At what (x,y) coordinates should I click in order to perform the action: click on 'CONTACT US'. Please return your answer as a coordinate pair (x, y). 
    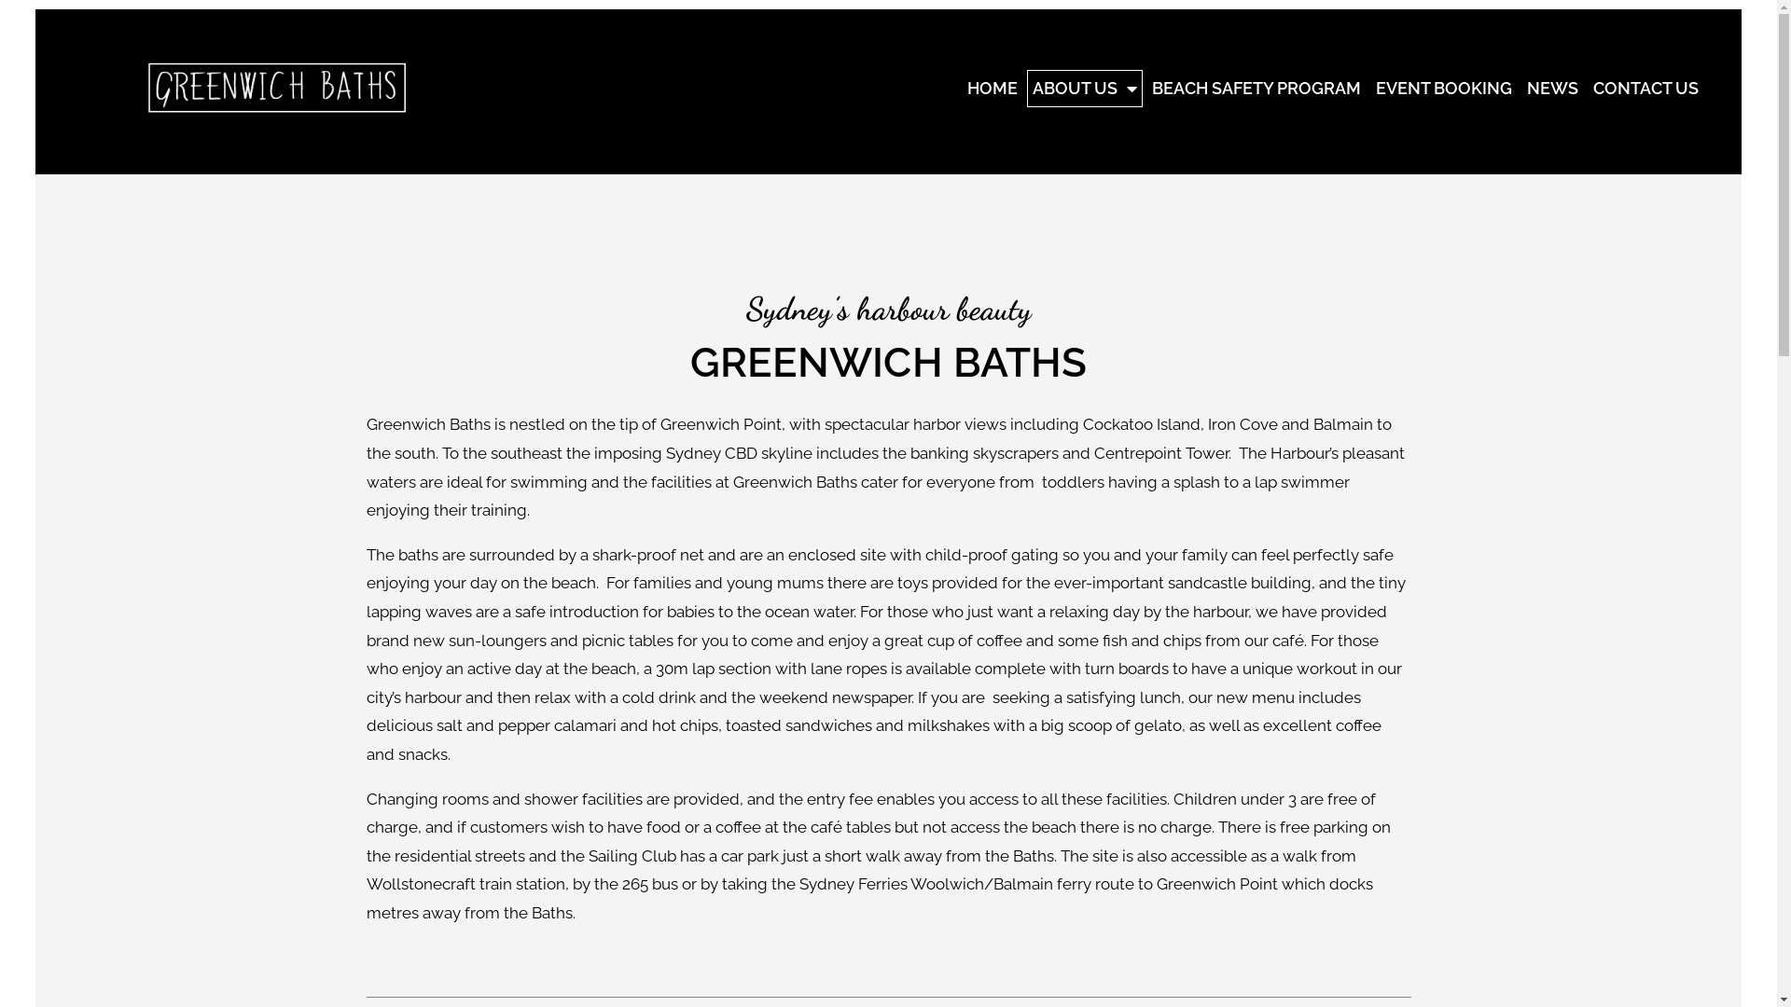
    Looking at the image, I should click on (1587, 89).